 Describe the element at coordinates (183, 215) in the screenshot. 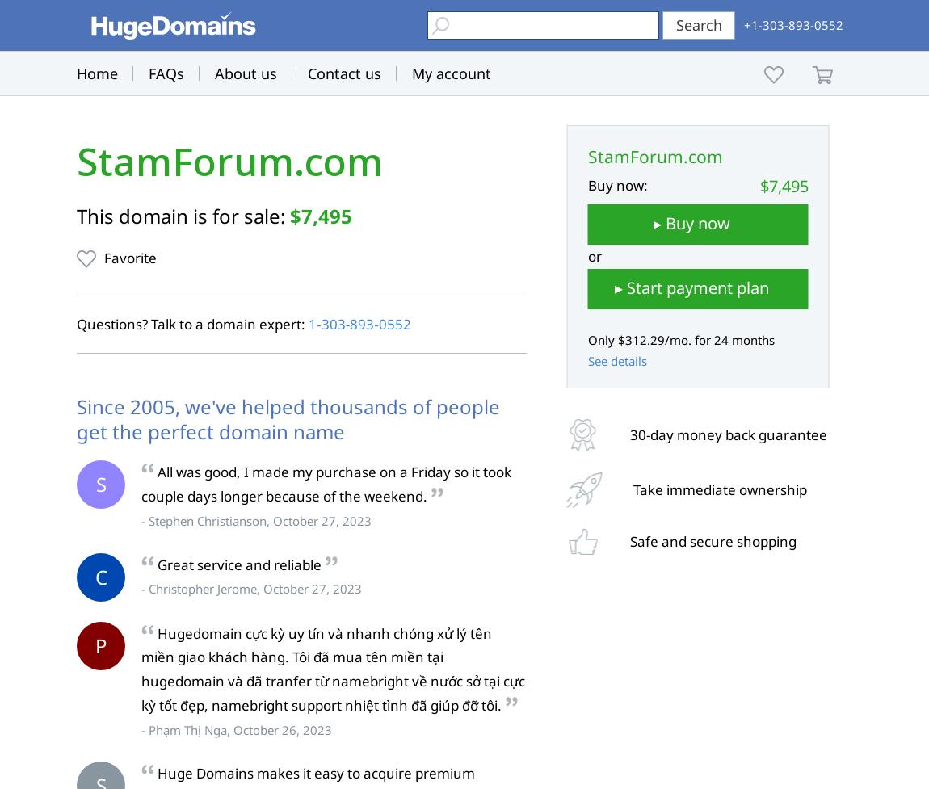

I see `'This domain is for sale:'` at that location.